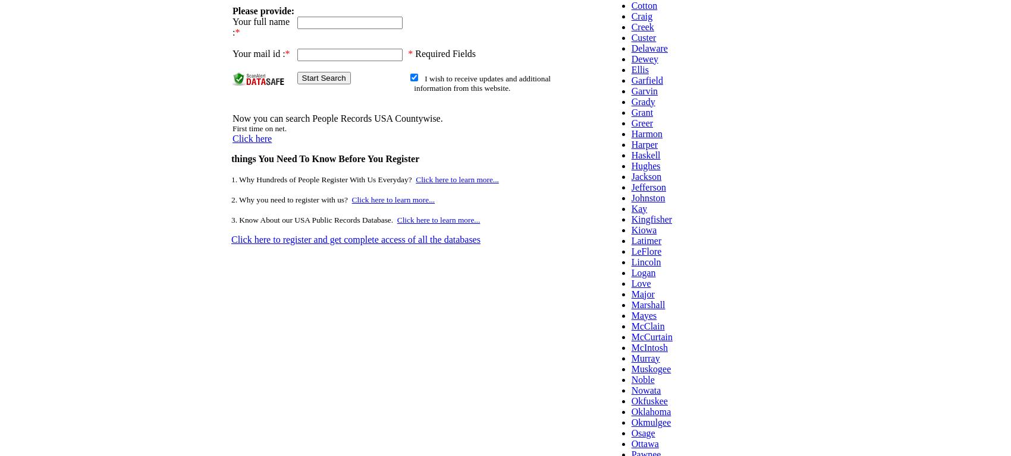 This screenshot has width=1011, height=456. What do you see at coordinates (259, 128) in the screenshot?
I see `'First time on net.'` at bounding box center [259, 128].